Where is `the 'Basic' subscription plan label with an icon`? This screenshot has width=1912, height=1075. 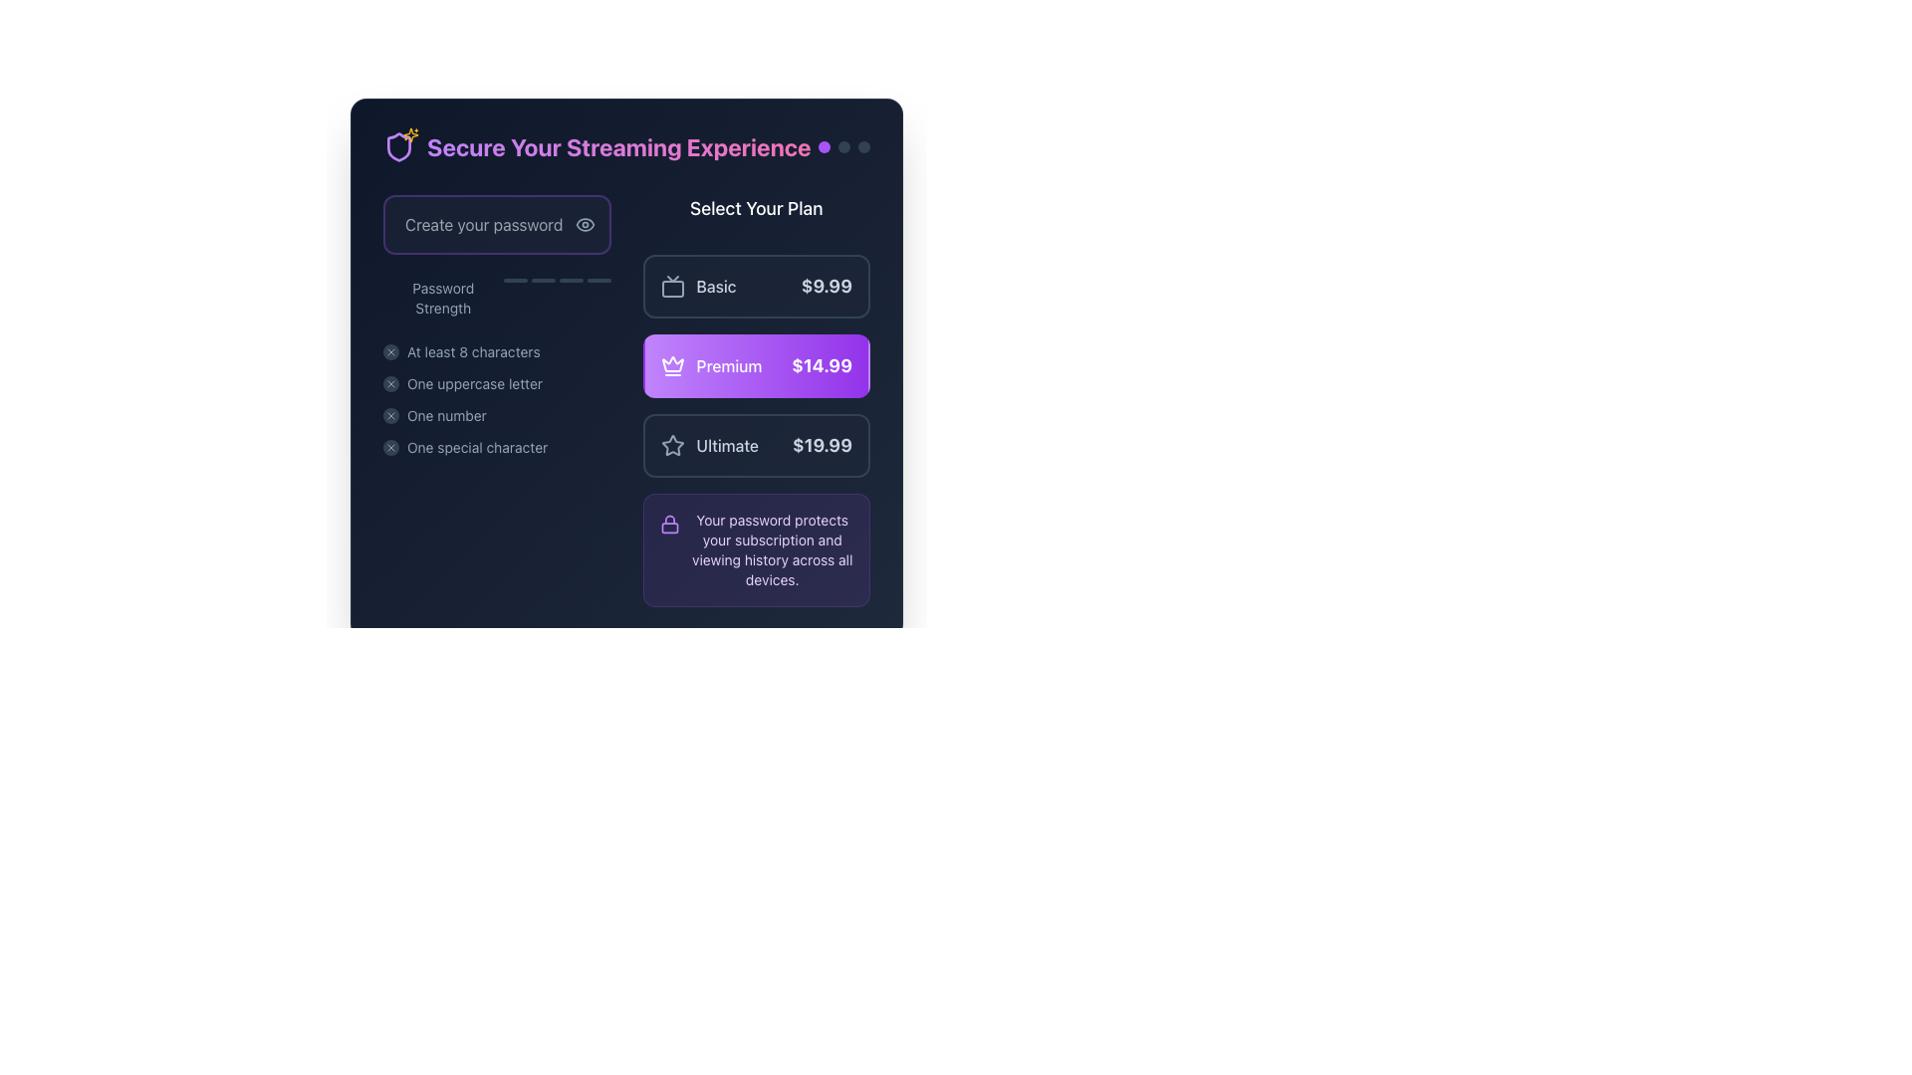 the 'Basic' subscription plan label with an icon is located at coordinates (698, 287).